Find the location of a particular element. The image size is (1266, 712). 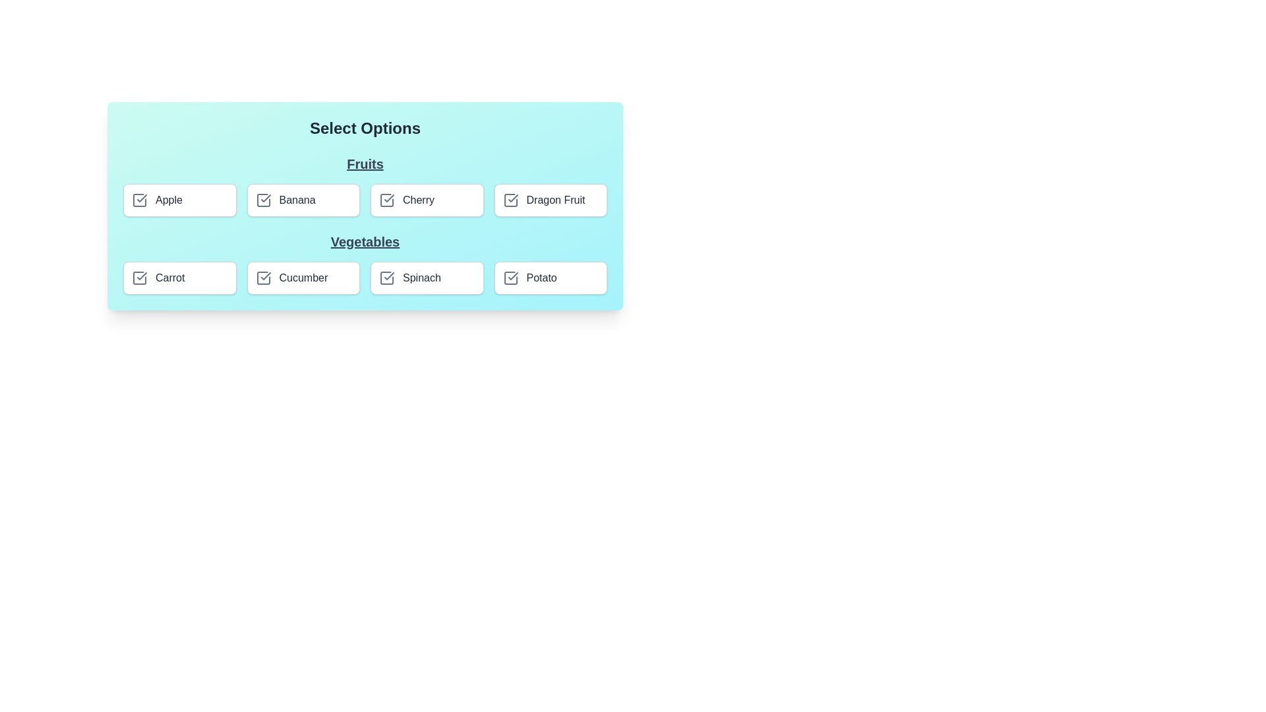

the selected state icon of the 'Apple' checkbox located in the 'Fruits' section is located at coordinates (142, 198).